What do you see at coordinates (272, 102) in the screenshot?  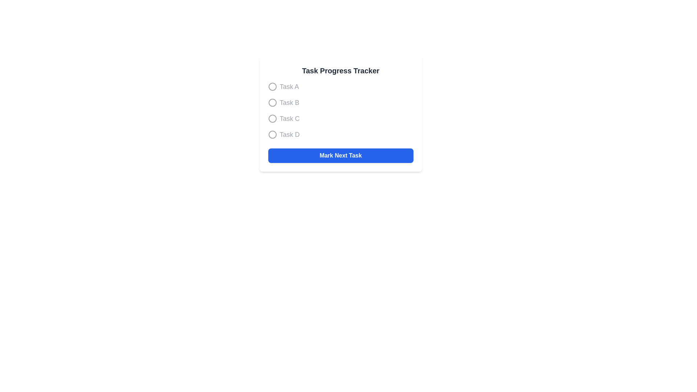 I see `the radio button for 'Task B'` at bounding box center [272, 102].